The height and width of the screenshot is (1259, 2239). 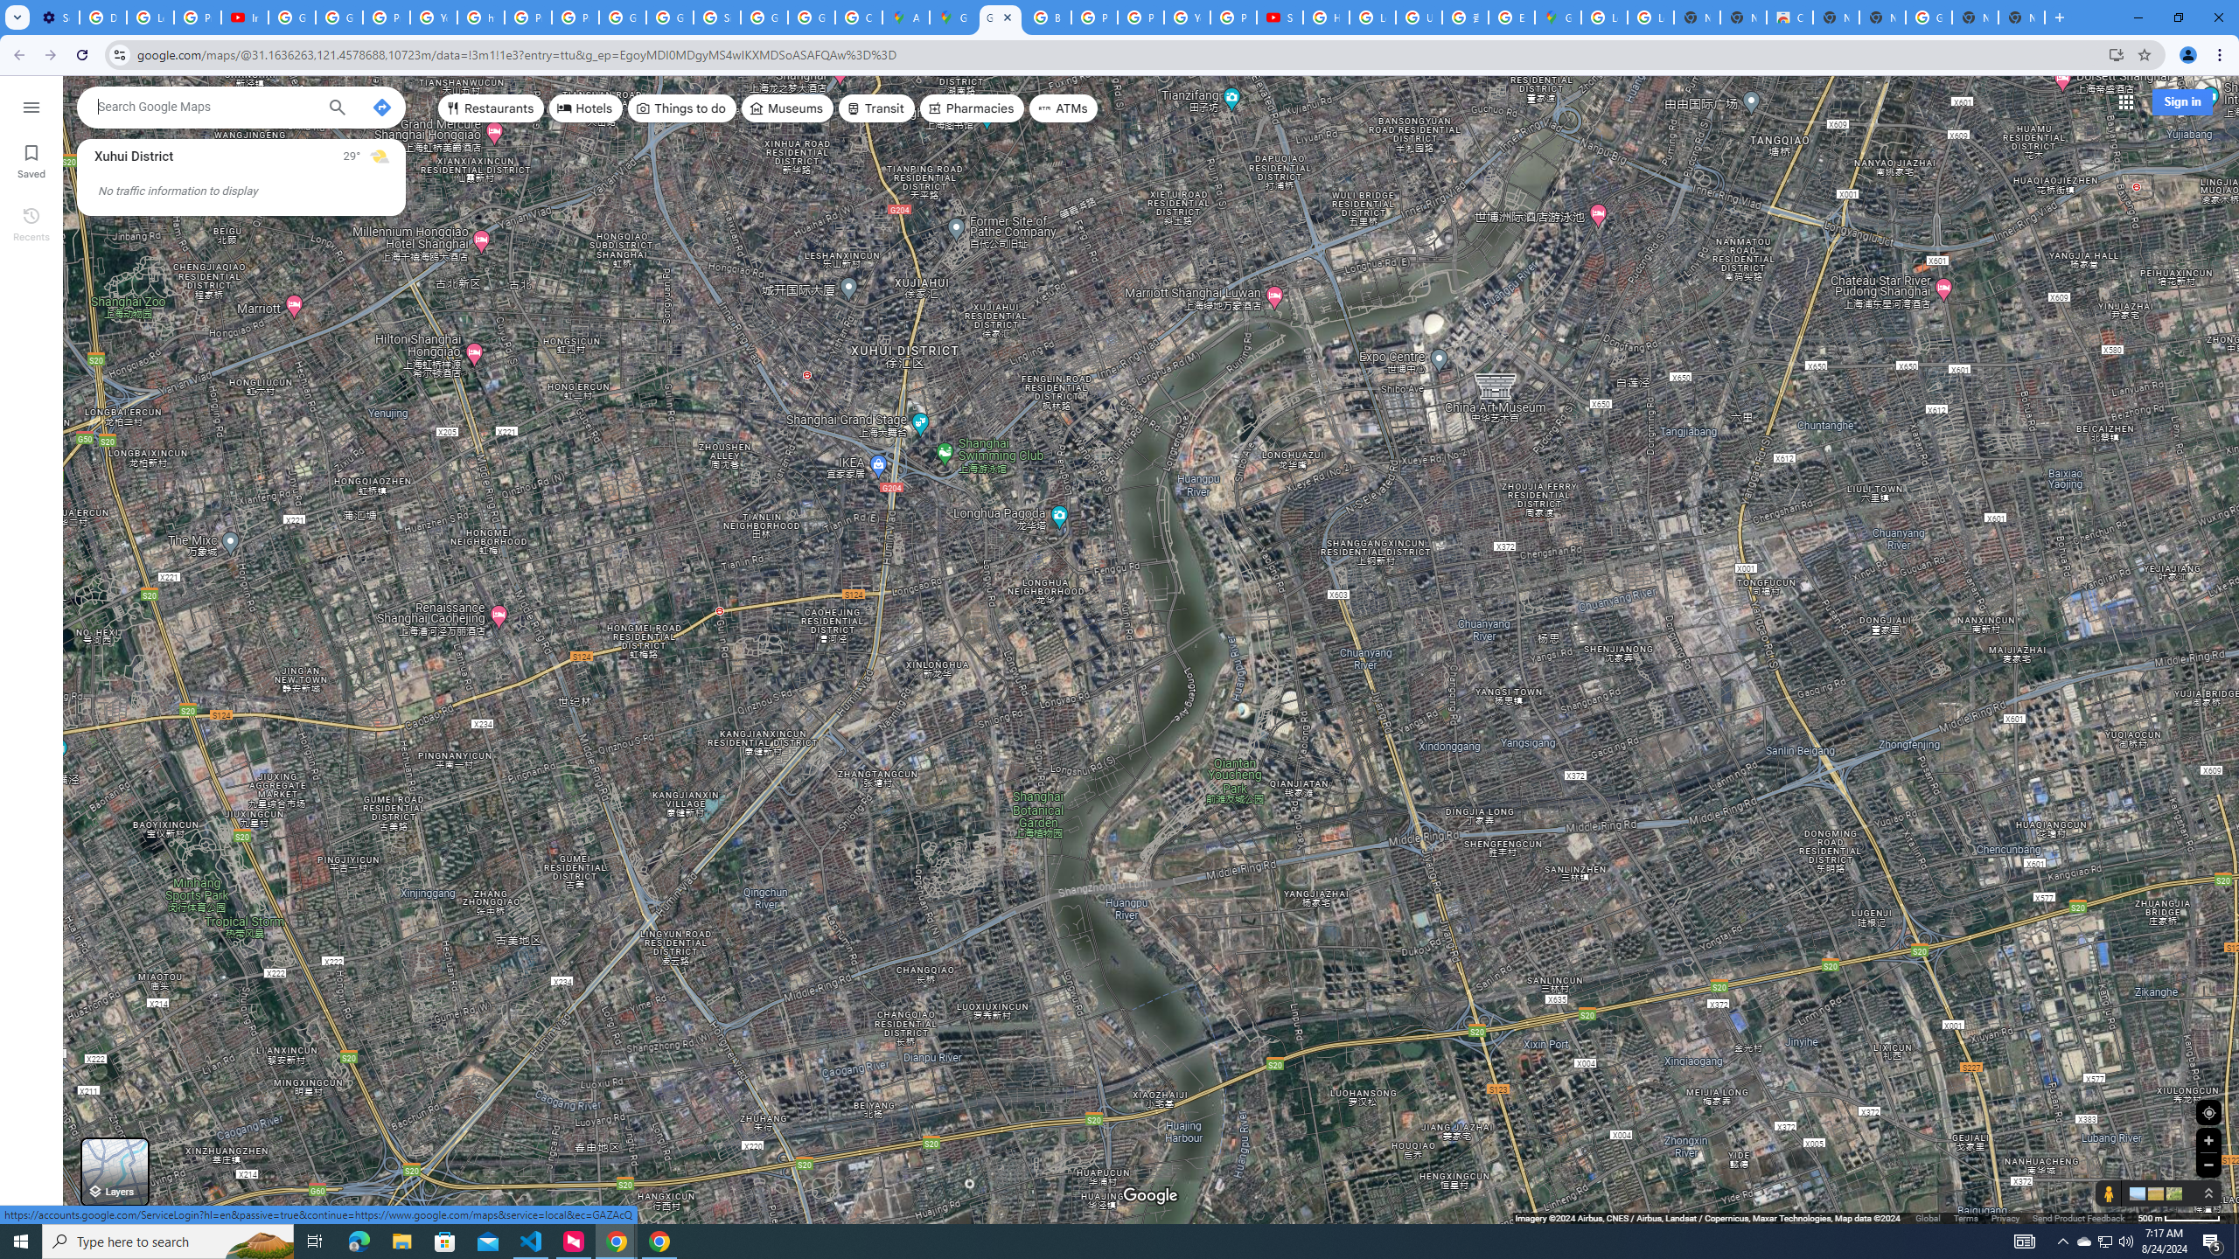 What do you see at coordinates (952, 17) in the screenshot?
I see `'Google Maps'` at bounding box center [952, 17].